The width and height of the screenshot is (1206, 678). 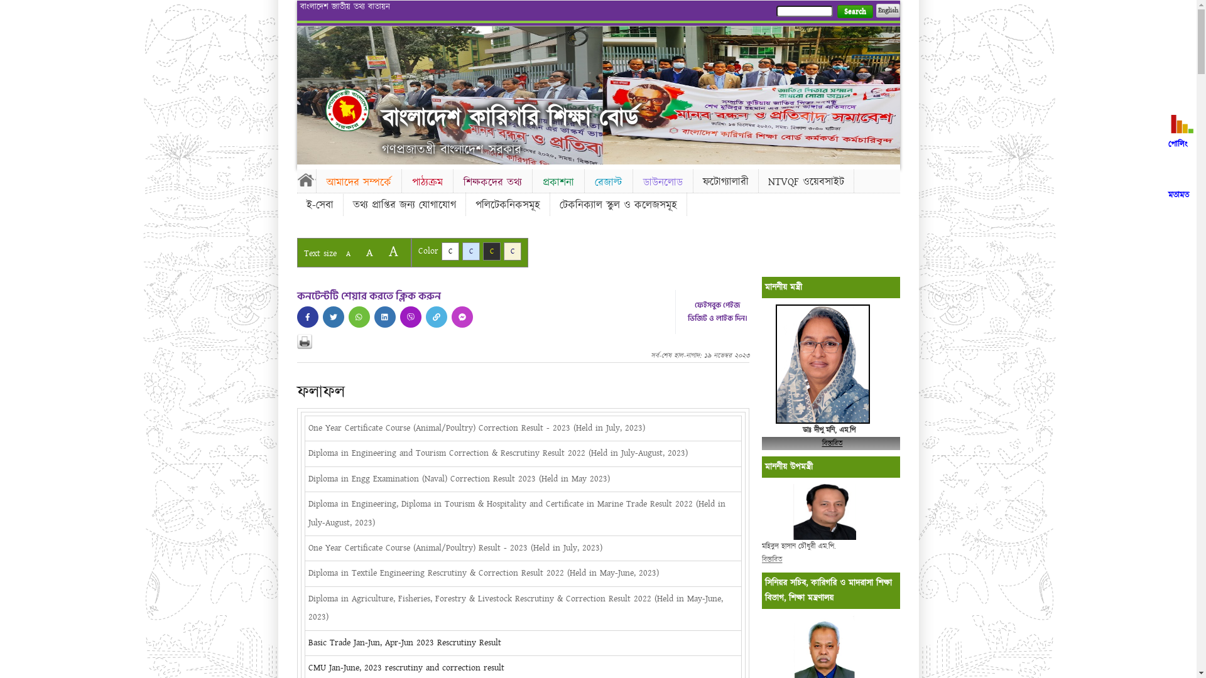 I want to click on 'Basic Trade Jan-Jun, Apr-Jun 2023 Rescrutiny Result', so click(x=307, y=642).